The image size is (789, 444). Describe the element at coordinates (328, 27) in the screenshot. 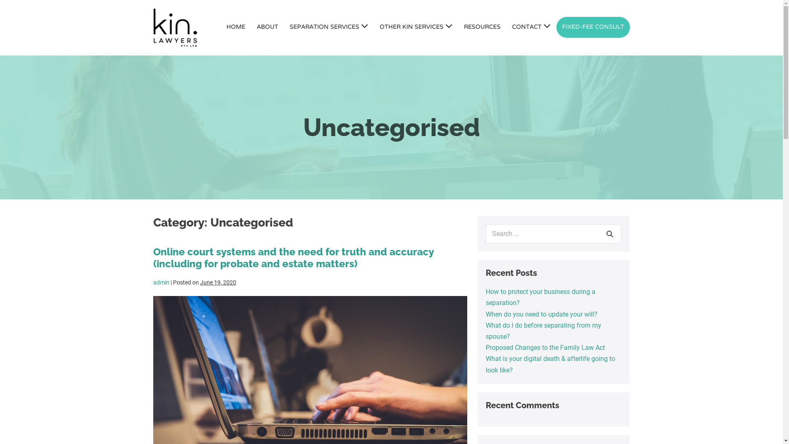

I see `'SEPARATION SERVICES'` at that location.